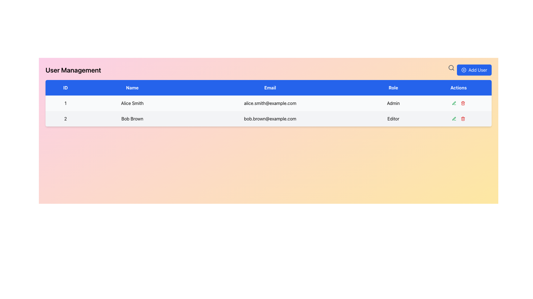 This screenshot has height=299, width=533. What do you see at coordinates (268, 87) in the screenshot?
I see `the Table Header Row of the User Management table, which provides labels for the columns` at bounding box center [268, 87].